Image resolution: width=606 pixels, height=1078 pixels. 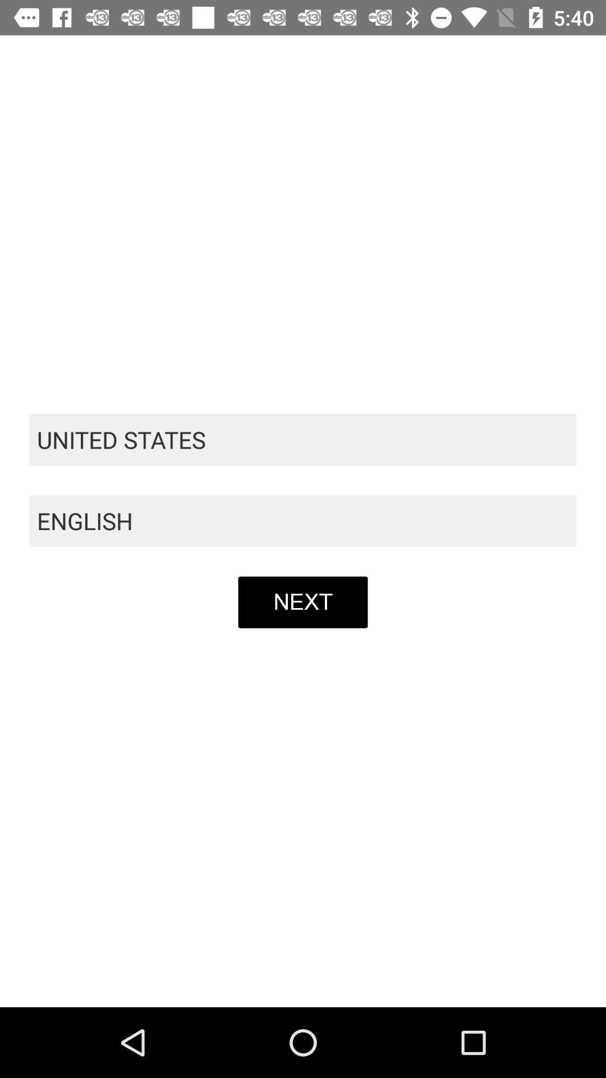 I want to click on item above the english icon, so click(x=303, y=439).